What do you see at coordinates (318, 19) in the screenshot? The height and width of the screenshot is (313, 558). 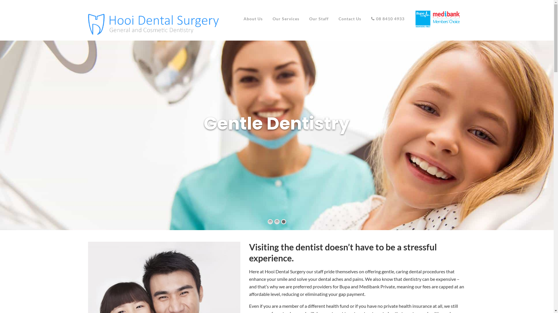 I see `'Our Staff'` at bounding box center [318, 19].